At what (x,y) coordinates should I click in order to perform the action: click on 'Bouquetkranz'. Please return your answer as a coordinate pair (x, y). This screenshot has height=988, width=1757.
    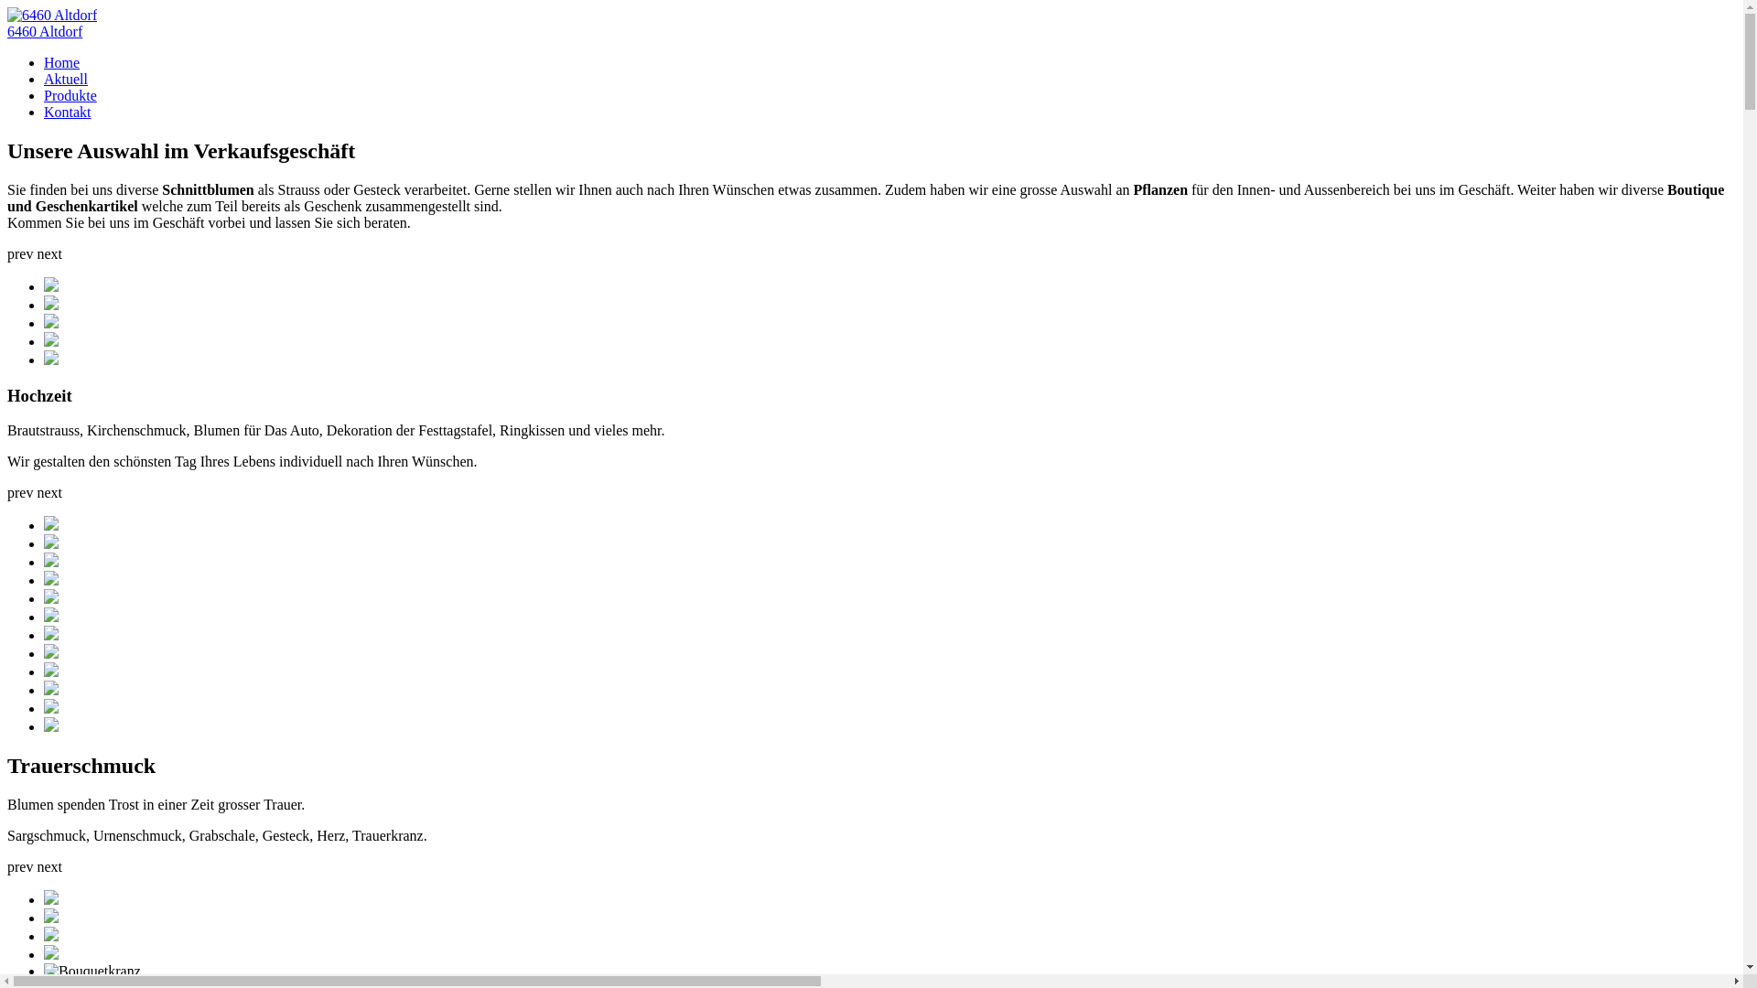
    Looking at the image, I should click on (91, 970).